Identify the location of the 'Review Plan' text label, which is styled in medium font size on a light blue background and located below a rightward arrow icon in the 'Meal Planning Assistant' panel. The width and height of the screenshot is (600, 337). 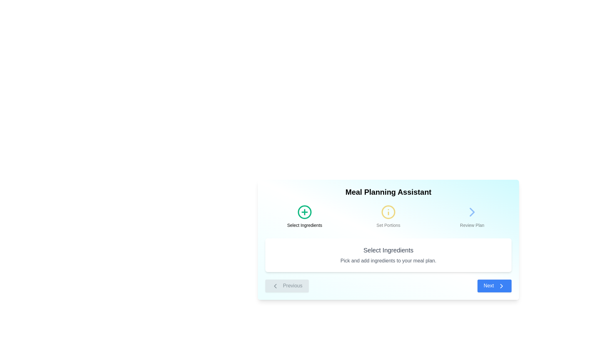
(472, 225).